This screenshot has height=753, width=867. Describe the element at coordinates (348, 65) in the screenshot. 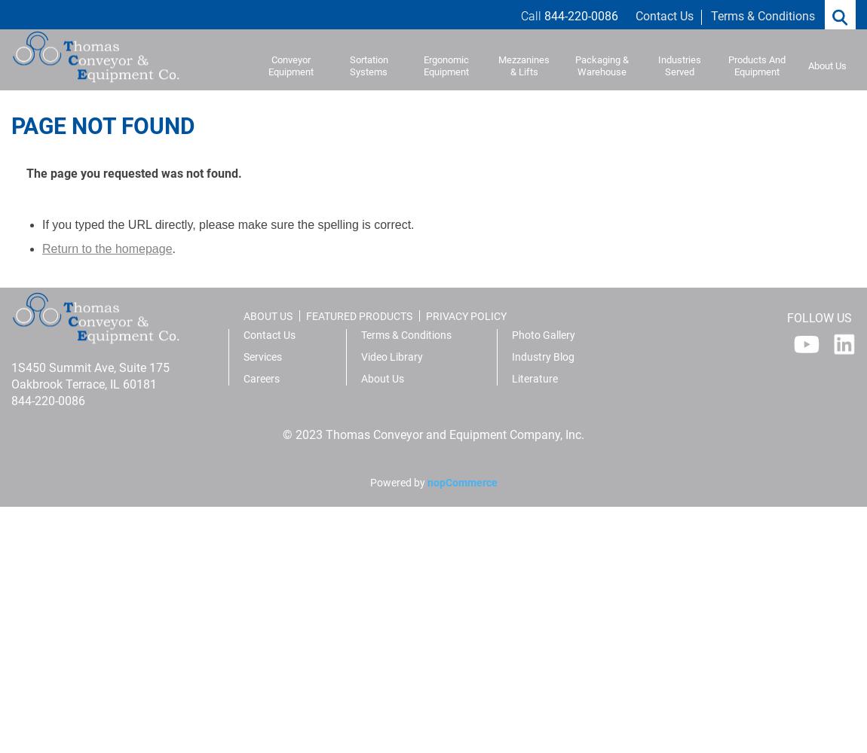

I see `'Sortation Systems'` at that location.